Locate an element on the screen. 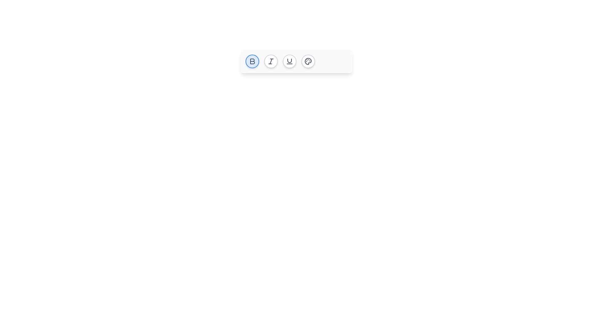  the small vertical line segment inside the italic formatting icon in the toolbar, which is the second icon from the left is located at coordinates (271, 61).